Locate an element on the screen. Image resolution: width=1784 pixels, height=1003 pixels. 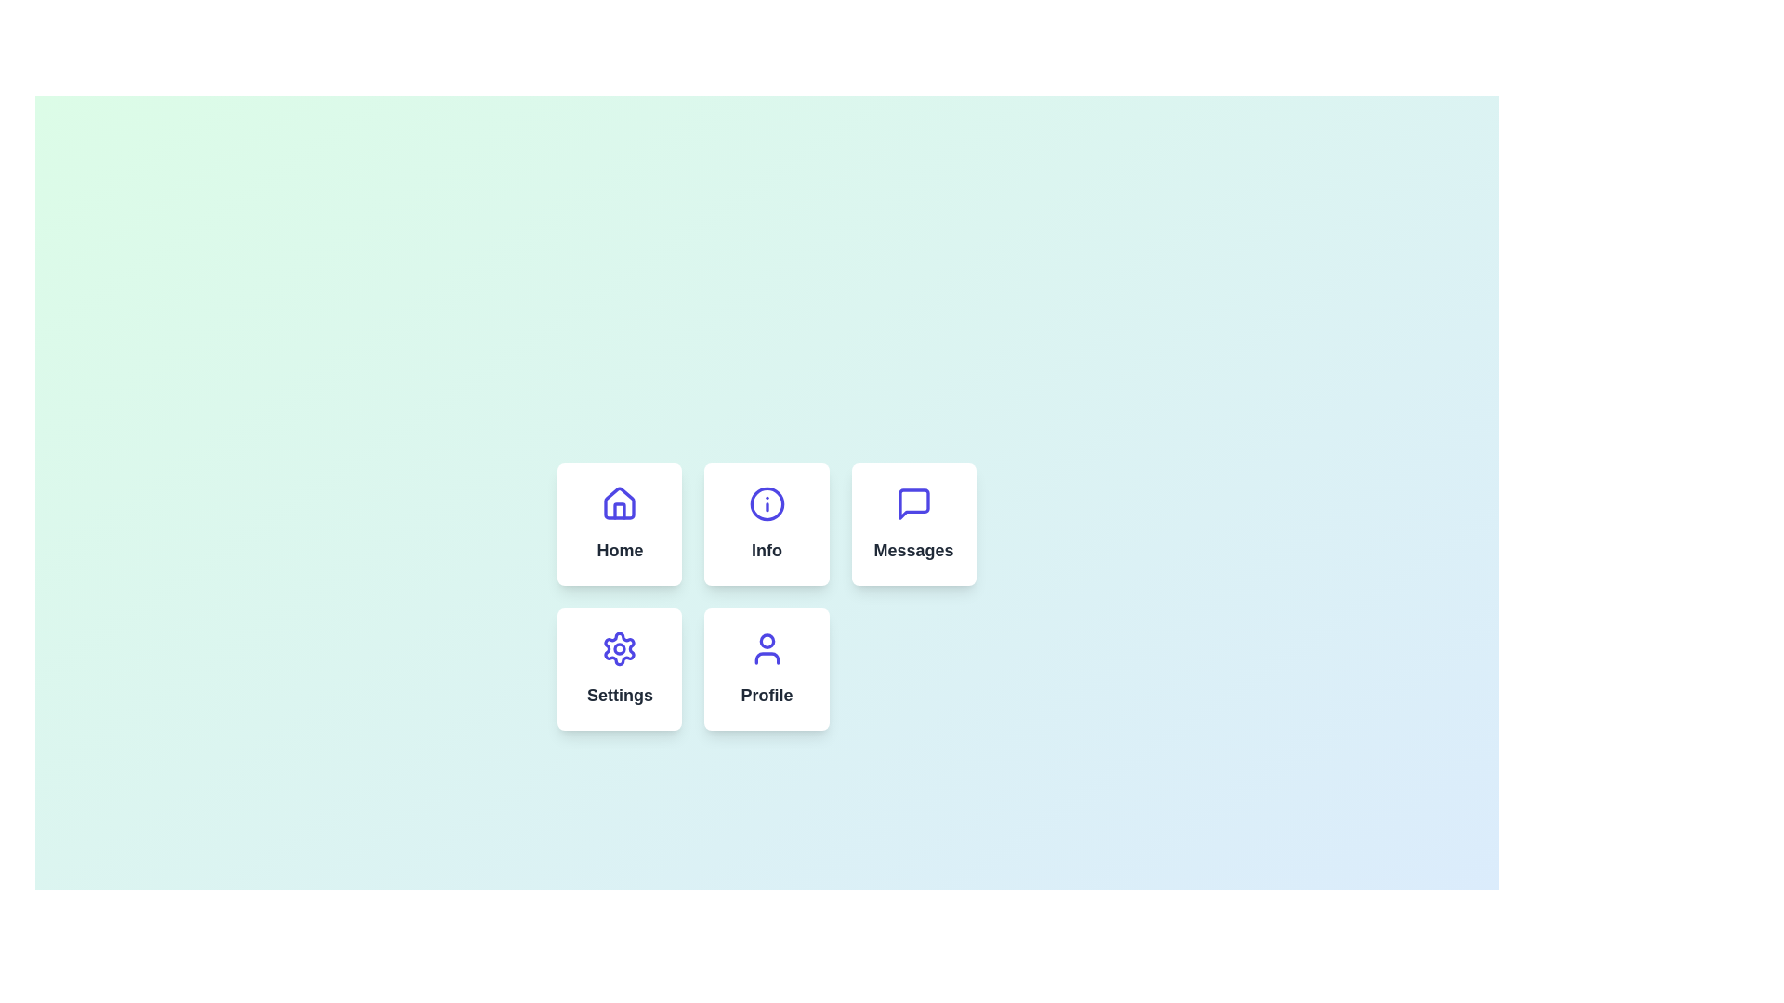
the informational icon in the 'Info' card is located at coordinates (767, 504).